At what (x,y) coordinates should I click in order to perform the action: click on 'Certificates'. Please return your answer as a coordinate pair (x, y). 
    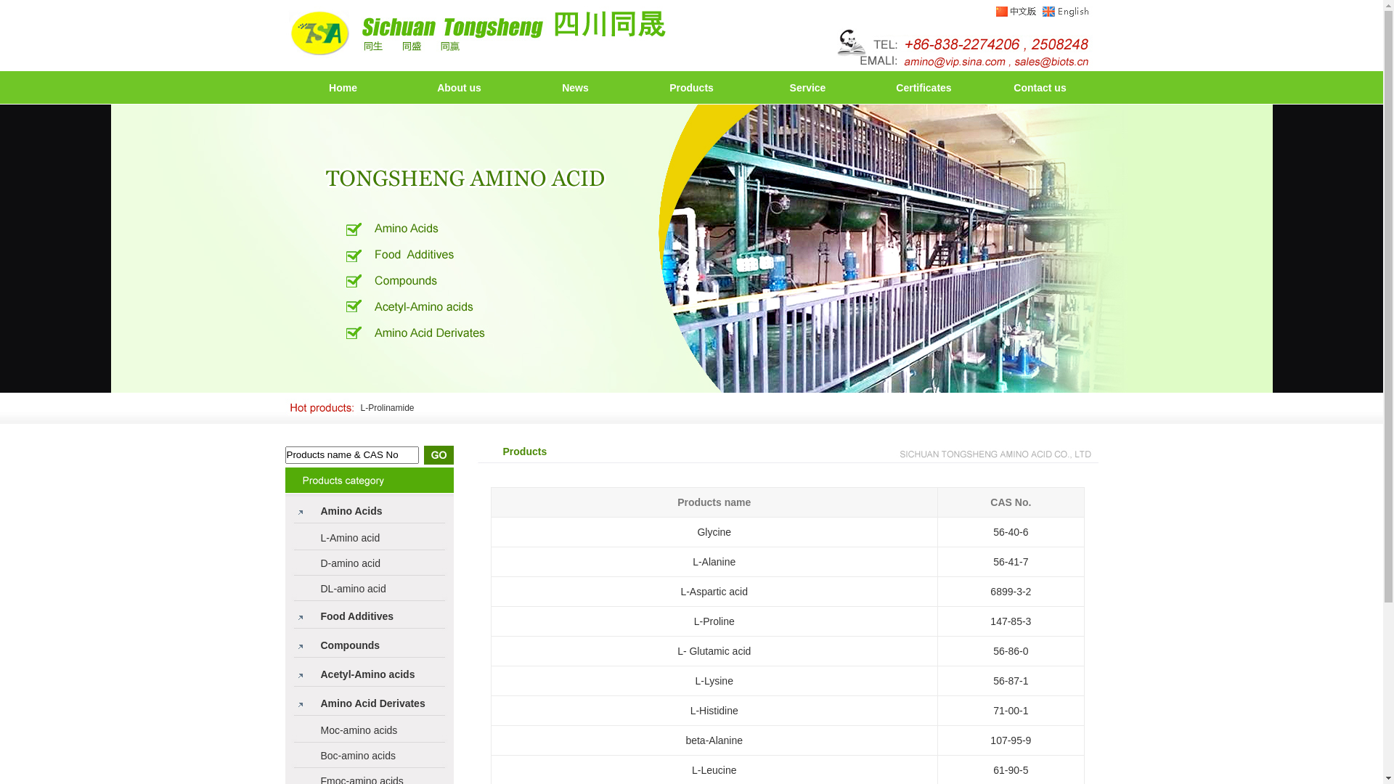
    Looking at the image, I should click on (923, 87).